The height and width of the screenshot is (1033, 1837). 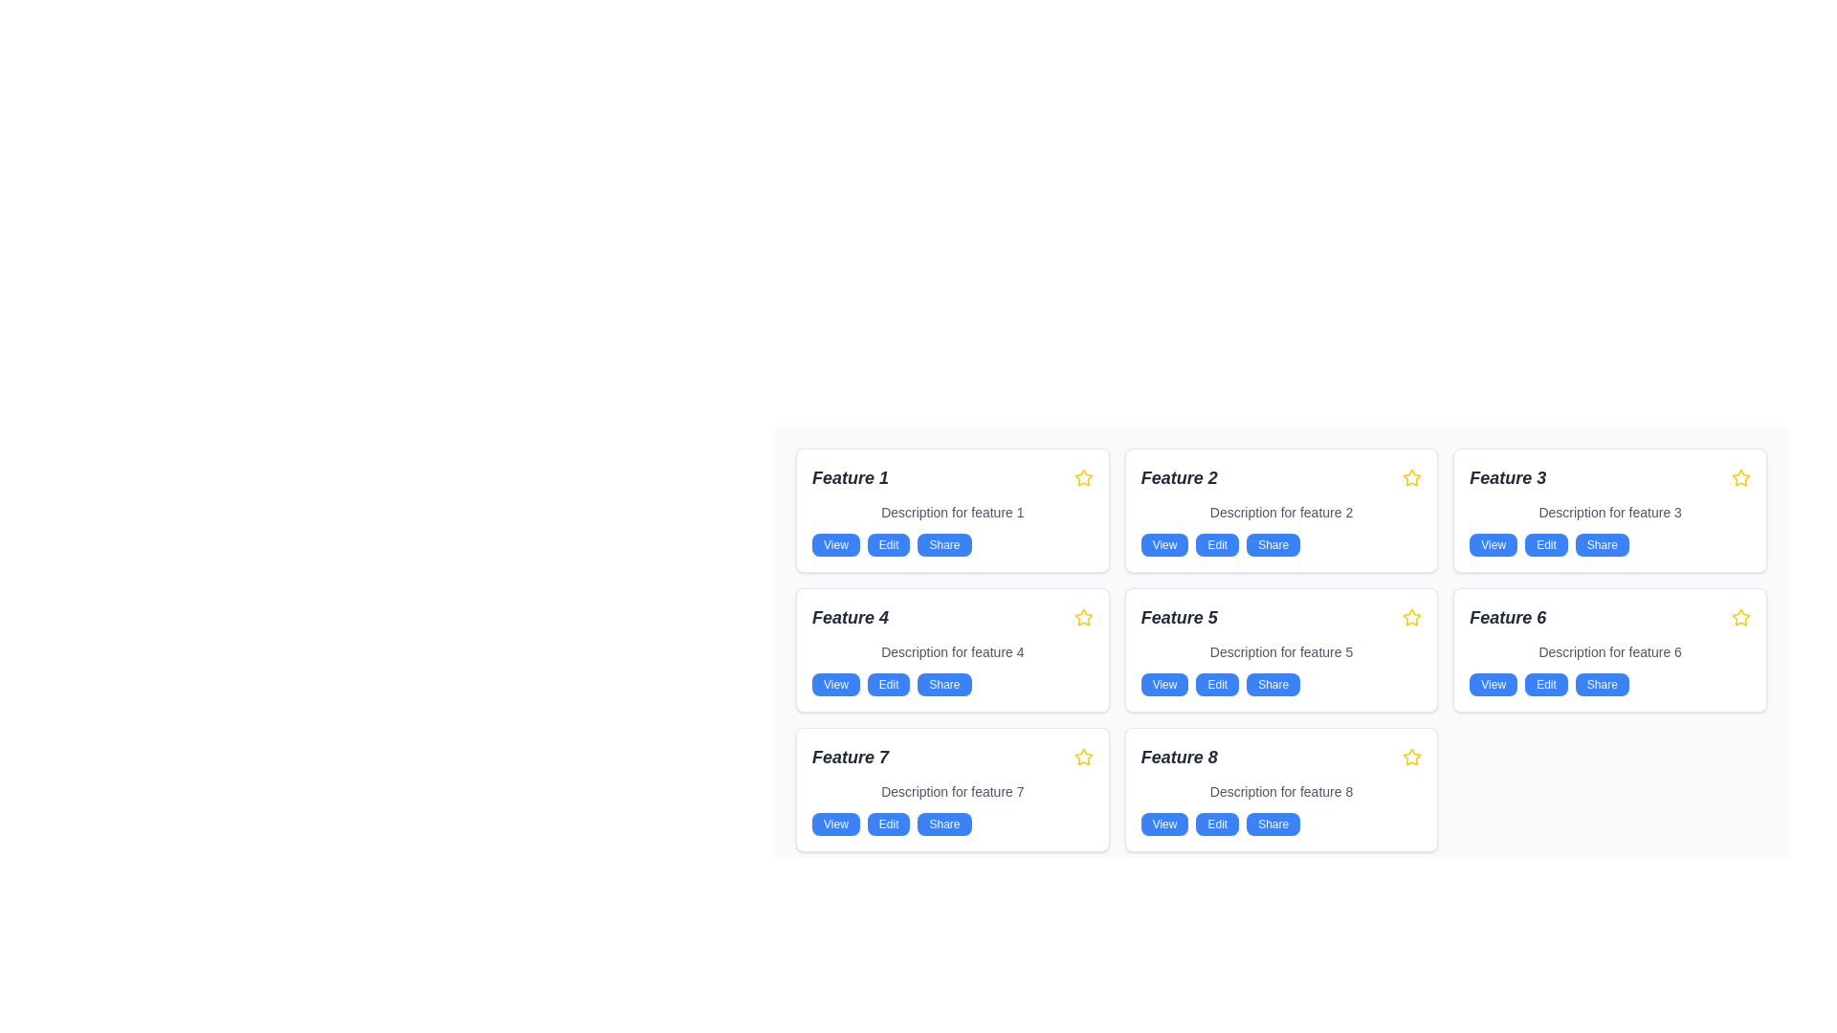 What do you see at coordinates (952, 651) in the screenshot?
I see `the textual descriptive label that reads 'Description for feature 4', which is located below the title 'Feature 4' in the second card of the second row` at bounding box center [952, 651].